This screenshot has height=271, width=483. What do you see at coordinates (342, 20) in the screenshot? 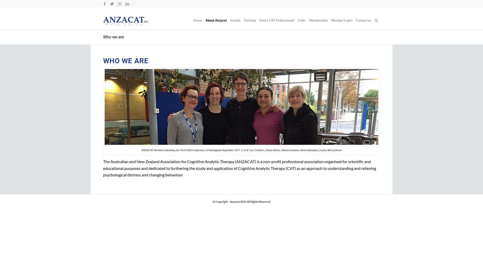
I see `'Member Login'` at bounding box center [342, 20].